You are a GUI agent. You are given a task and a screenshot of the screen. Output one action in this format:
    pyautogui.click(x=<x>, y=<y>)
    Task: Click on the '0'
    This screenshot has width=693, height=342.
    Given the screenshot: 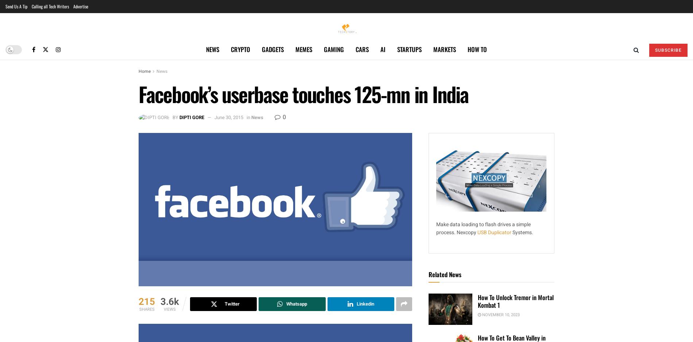 What is the action you would take?
    pyautogui.click(x=281, y=117)
    